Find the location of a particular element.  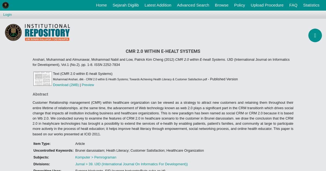

'Divisions:' is located at coordinates (41, 164).